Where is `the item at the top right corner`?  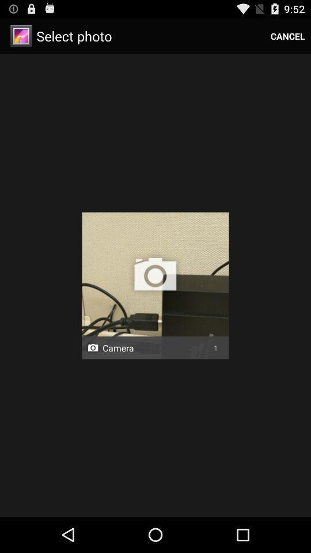
the item at the top right corner is located at coordinates (287, 36).